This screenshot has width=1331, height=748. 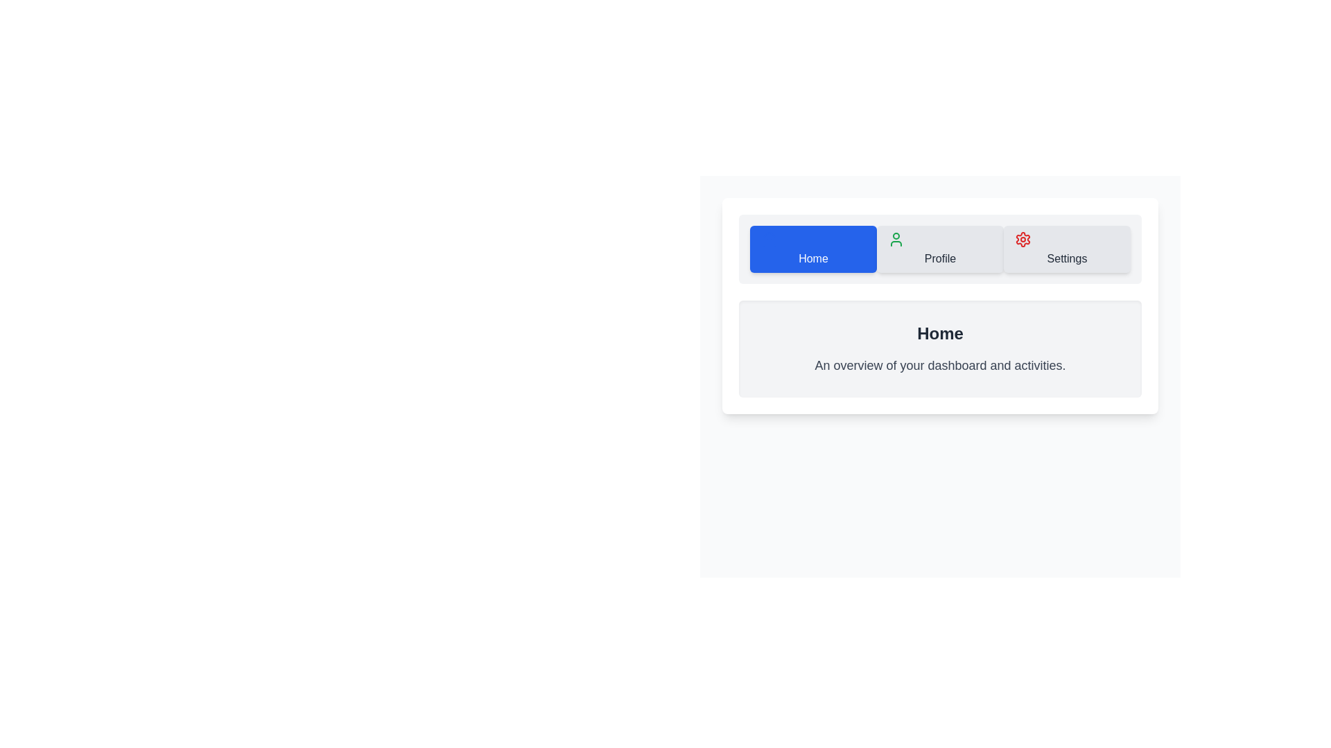 I want to click on the Settings tab, so click(x=1066, y=248).